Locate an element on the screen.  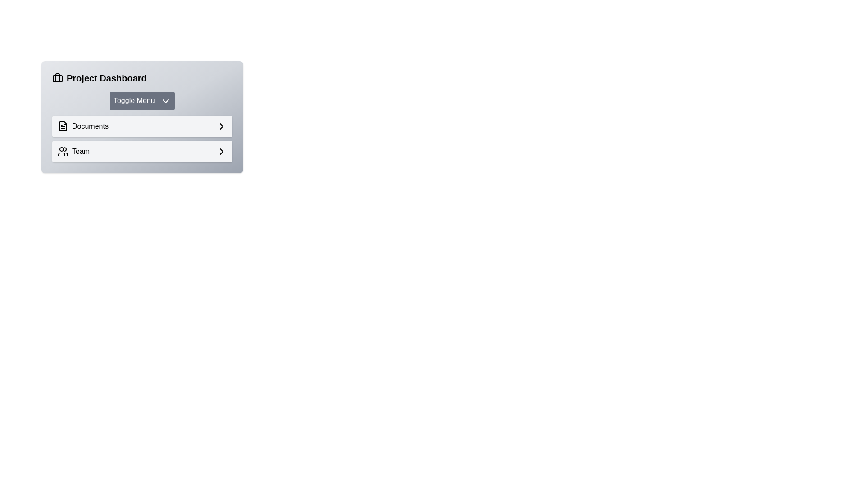
the 'Documents' icon located at the top-left section of the dashboard interface by moving the mouse cursor to it is located at coordinates (62, 126).